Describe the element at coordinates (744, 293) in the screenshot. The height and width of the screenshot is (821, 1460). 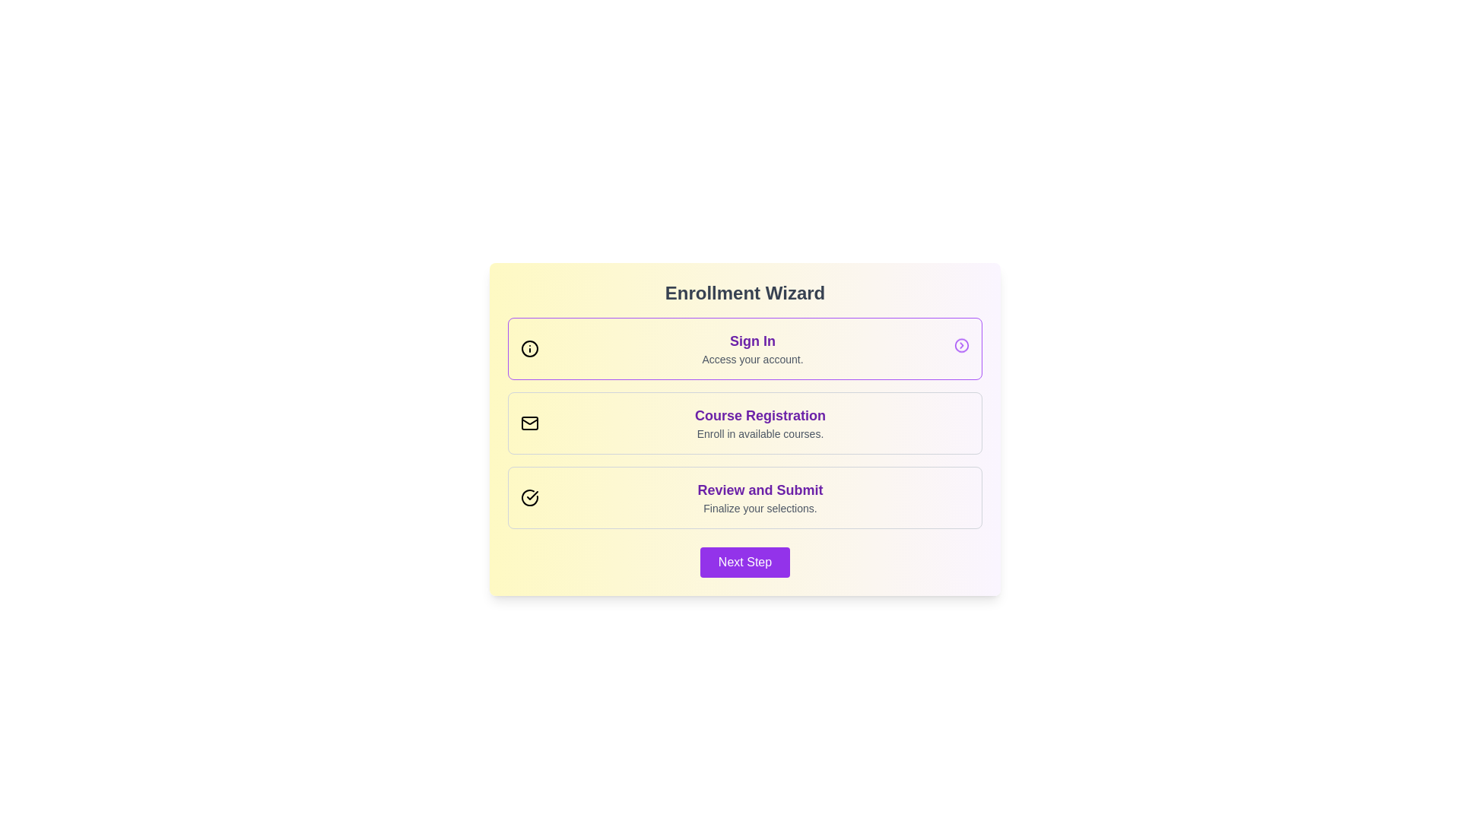
I see `header text element 'Enrollment Wizard' which is styled in bold, large sans-serif font, located near the top of the interface` at that location.